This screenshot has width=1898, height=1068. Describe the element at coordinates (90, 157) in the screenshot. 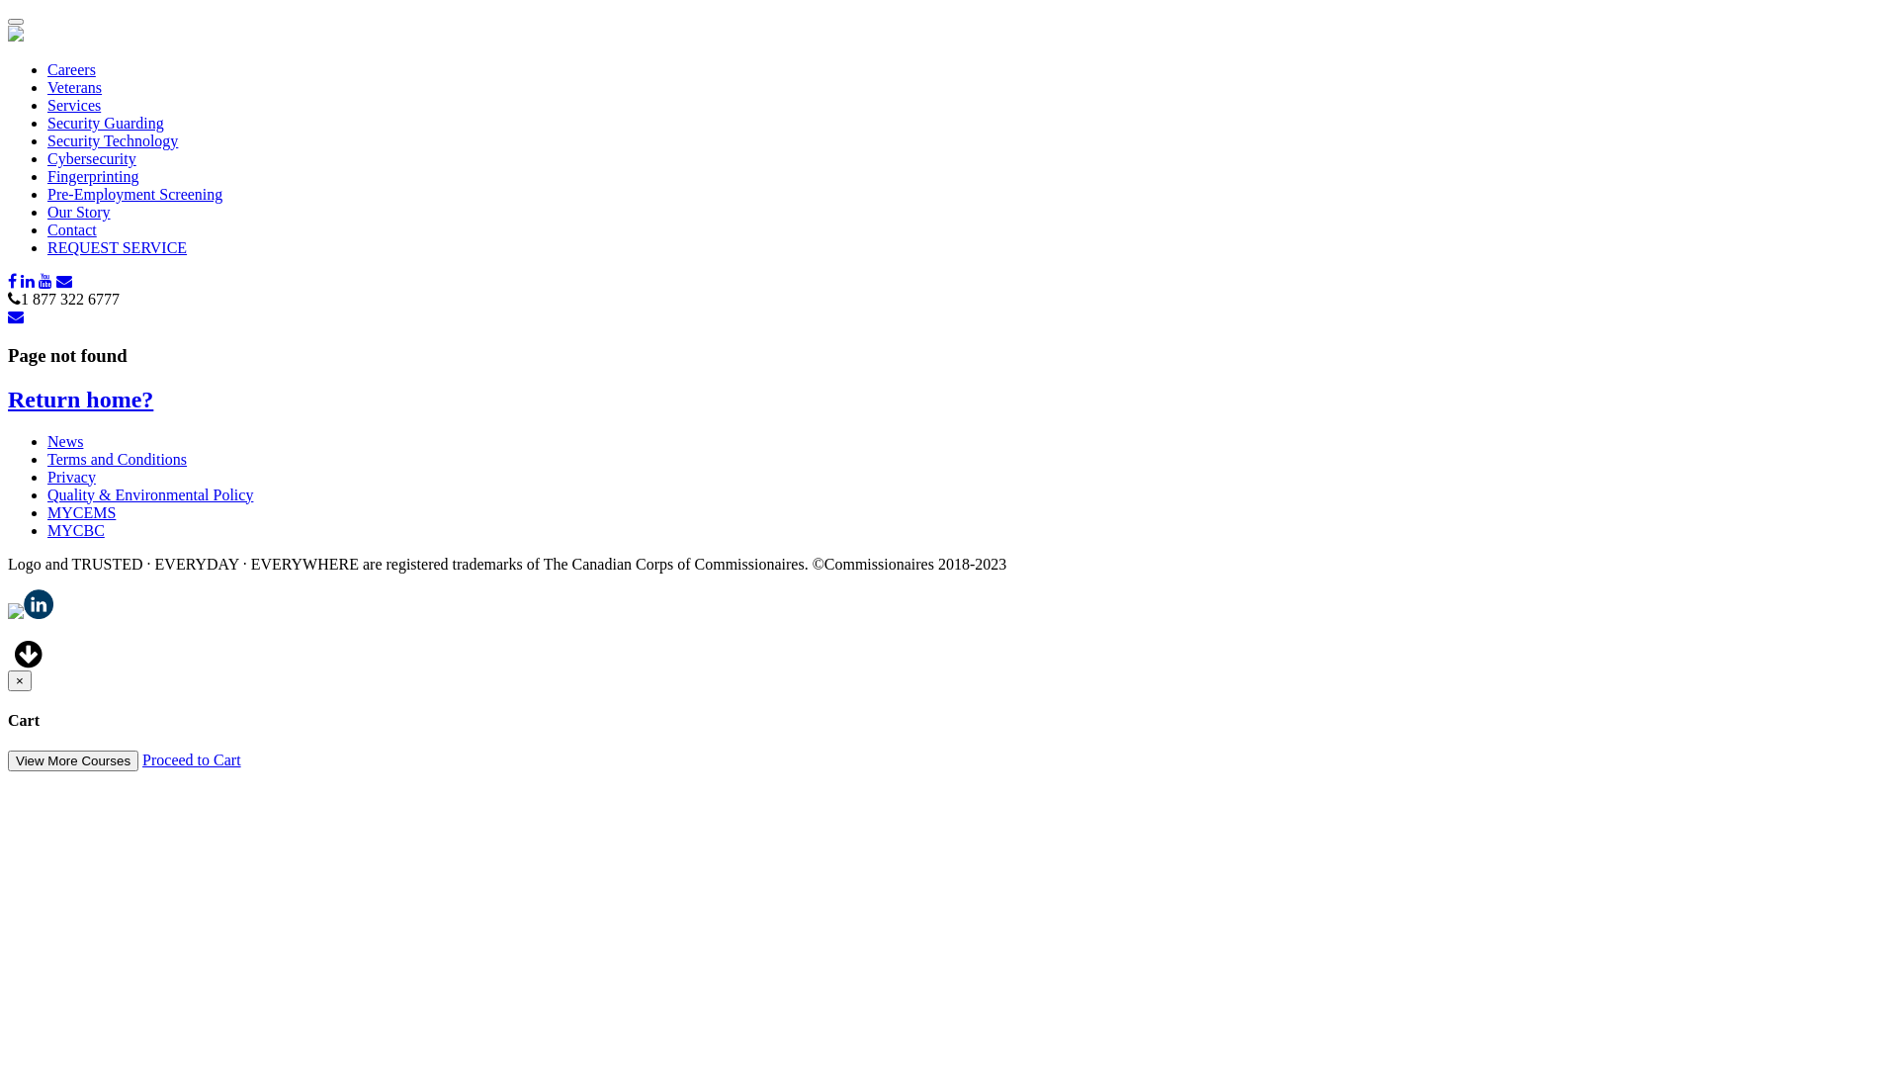

I see `'Cybersecurity'` at that location.